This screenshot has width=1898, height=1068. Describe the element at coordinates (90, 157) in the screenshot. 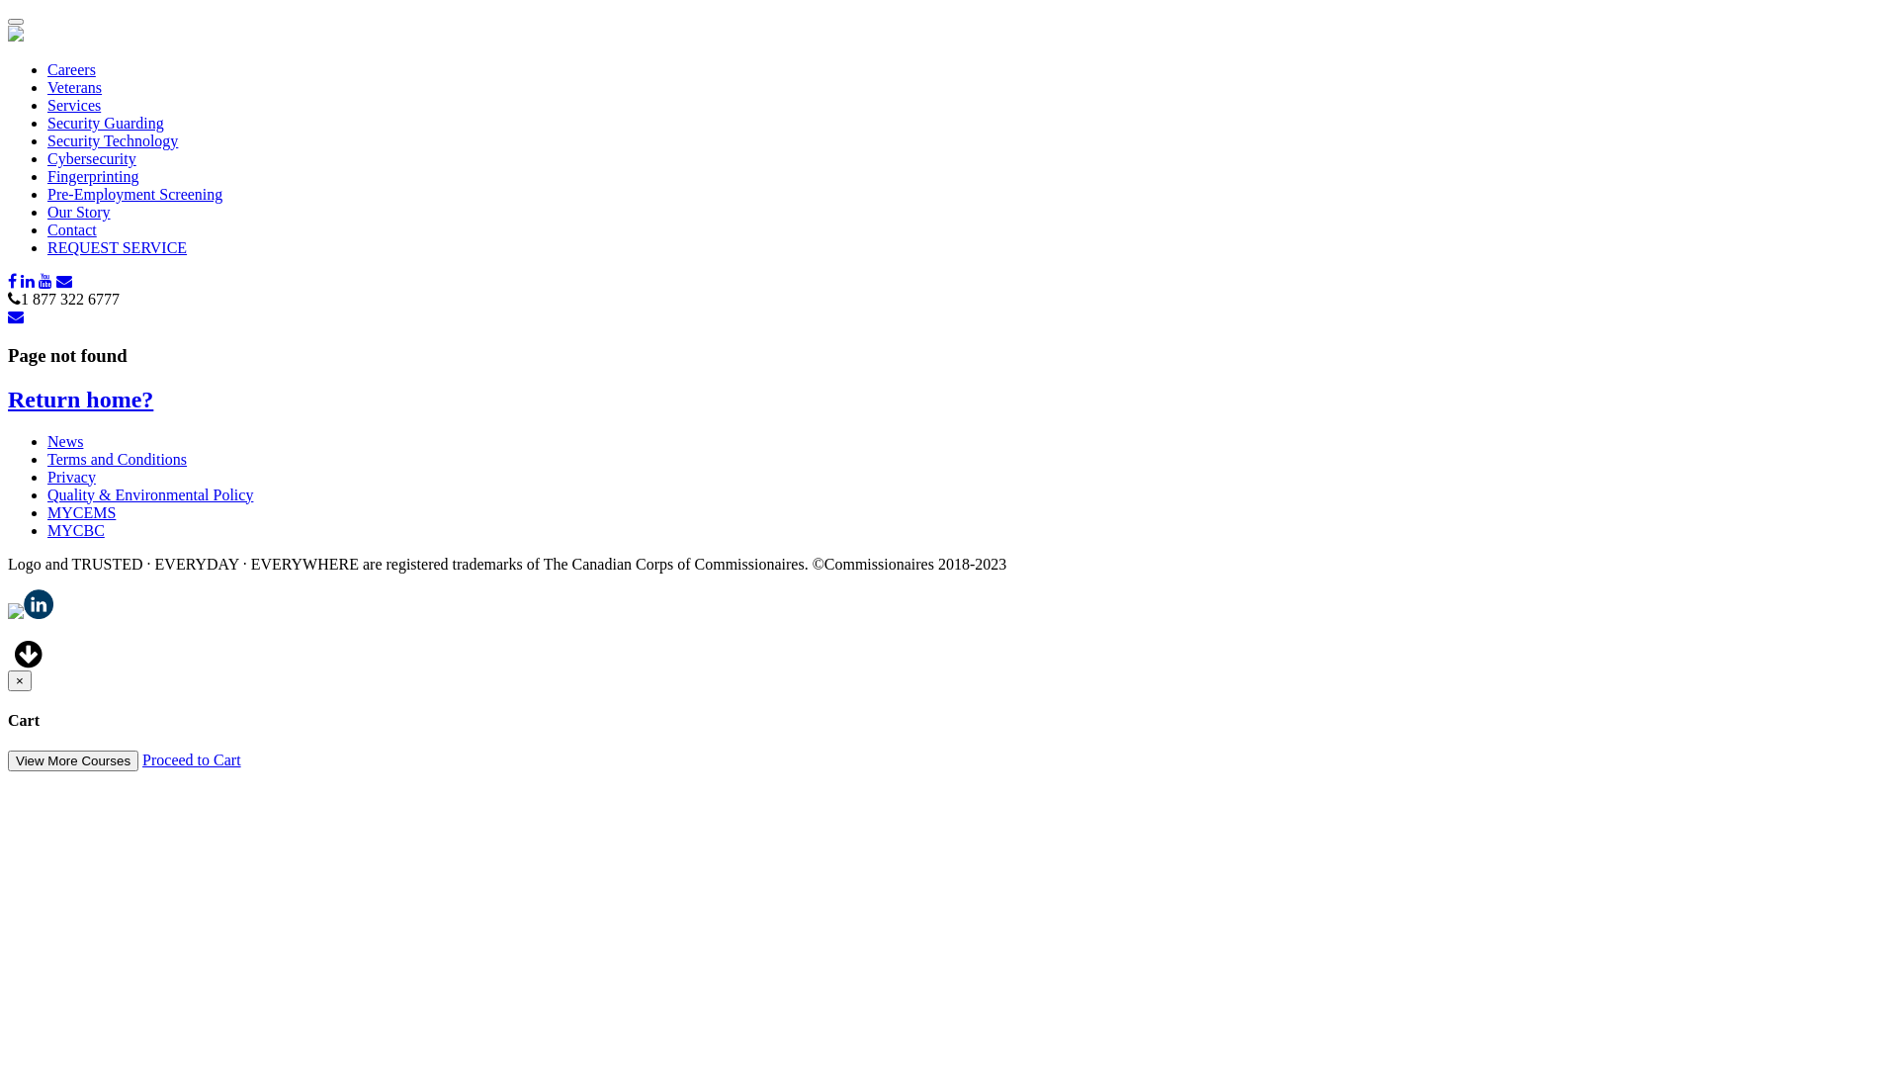

I see `'Cybersecurity'` at that location.